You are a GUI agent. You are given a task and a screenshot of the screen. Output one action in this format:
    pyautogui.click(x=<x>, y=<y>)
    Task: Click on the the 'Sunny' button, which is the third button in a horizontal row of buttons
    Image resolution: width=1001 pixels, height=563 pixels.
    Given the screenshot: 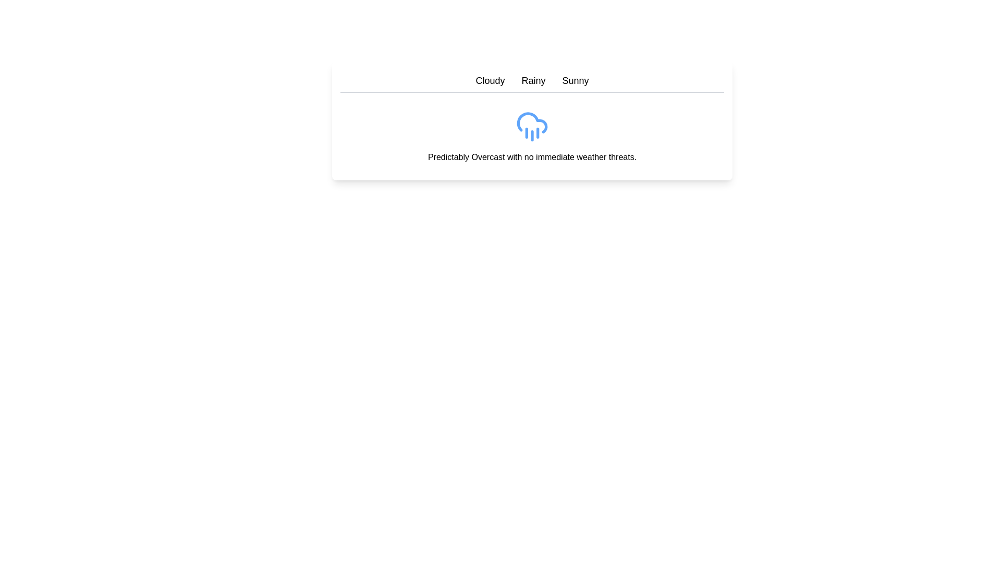 What is the action you would take?
    pyautogui.click(x=575, y=80)
    